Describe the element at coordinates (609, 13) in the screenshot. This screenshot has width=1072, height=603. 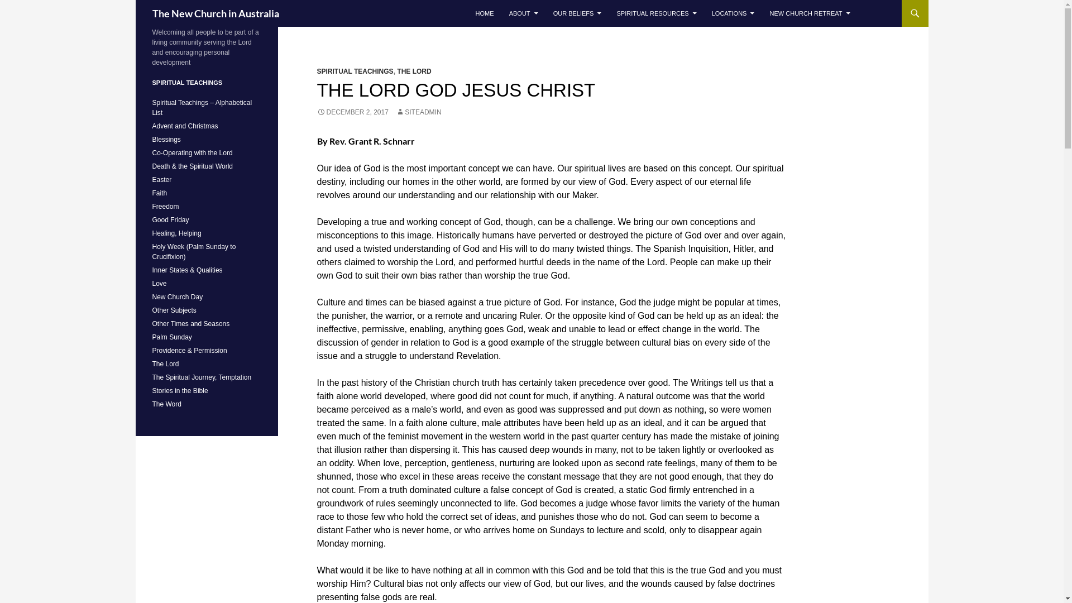
I see `'SPIRITUAL RESOURCES'` at that location.